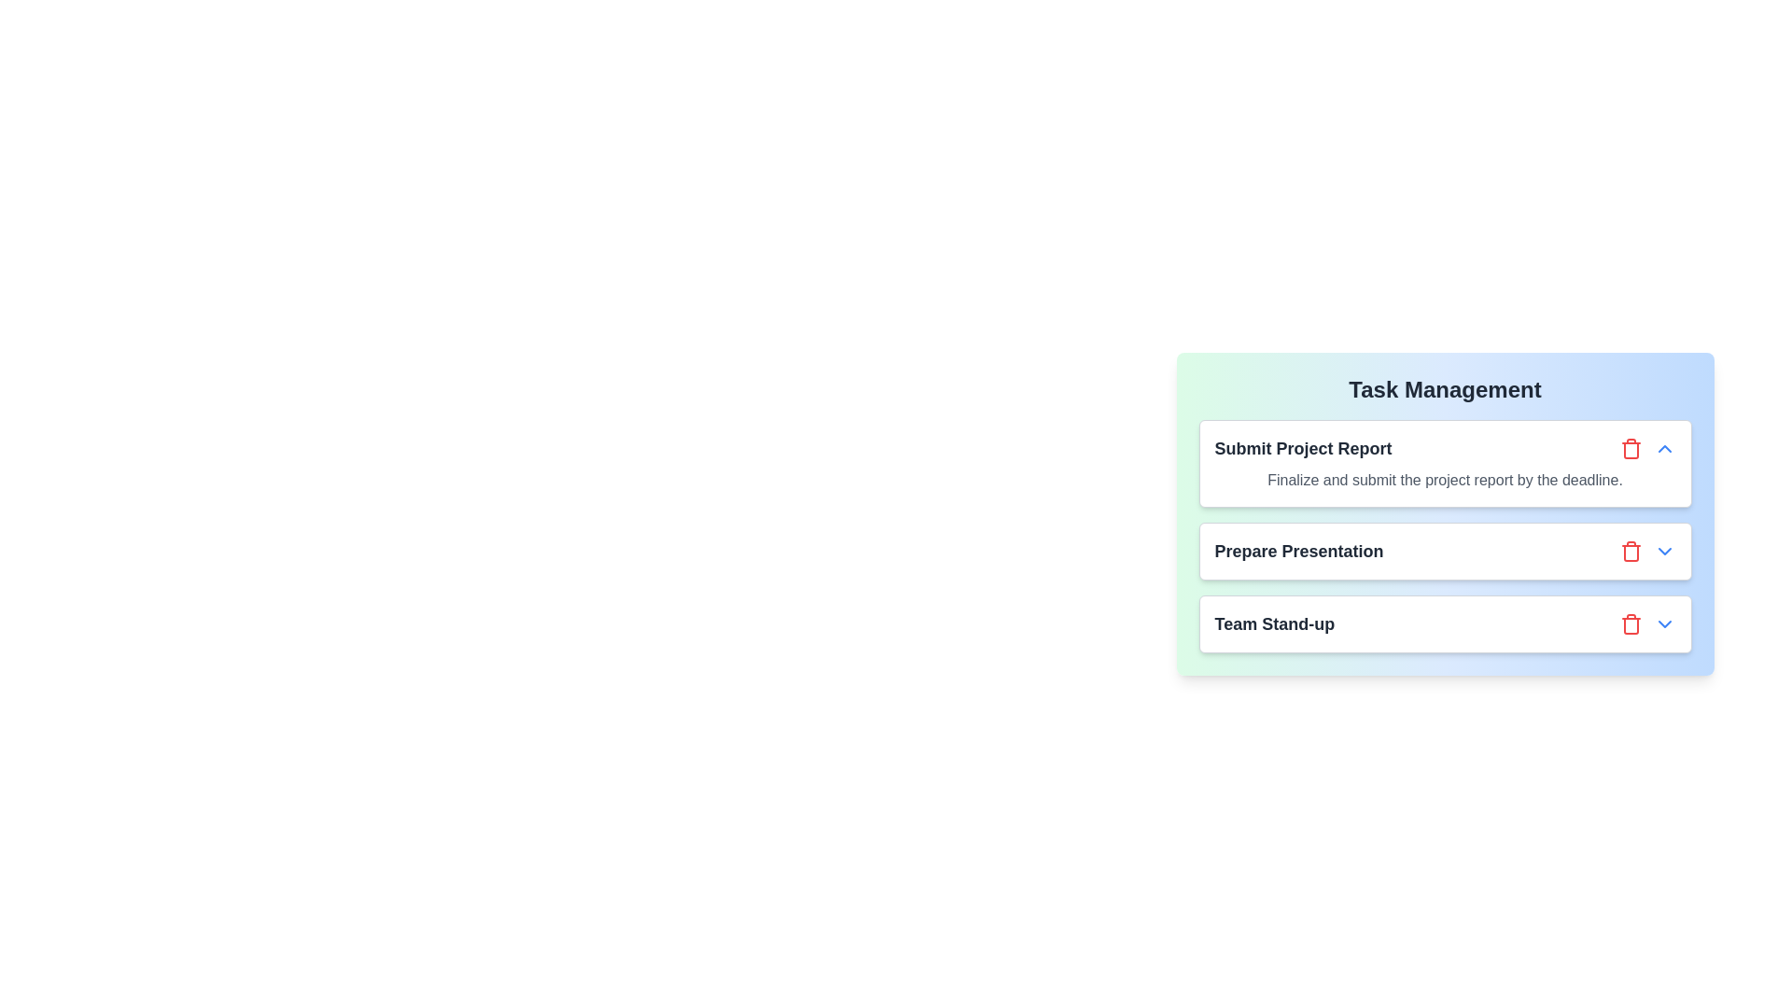  I want to click on the blue downward-pointing chevron icon, so click(1664, 623).